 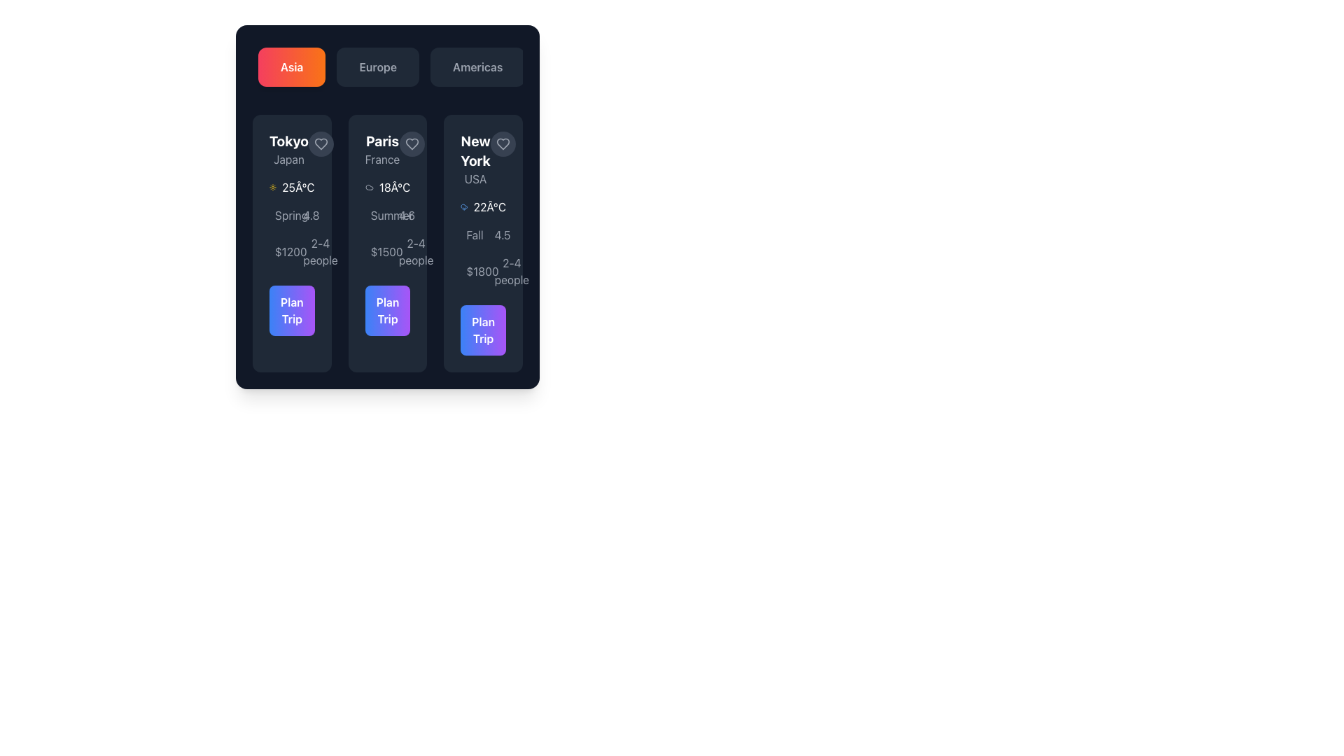 What do you see at coordinates (483, 330) in the screenshot?
I see `the 'Plan Trip' button located at the bottom of the 'New York' card to initiate the trip planning process` at bounding box center [483, 330].